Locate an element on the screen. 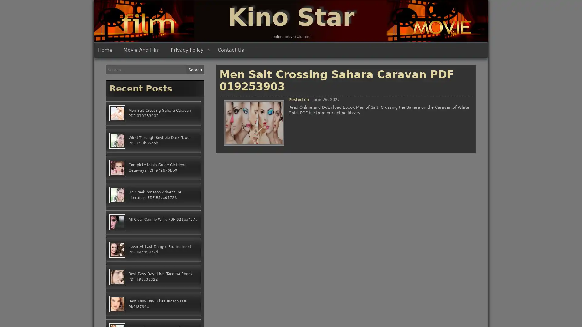  Search is located at coordinates (195, 69).